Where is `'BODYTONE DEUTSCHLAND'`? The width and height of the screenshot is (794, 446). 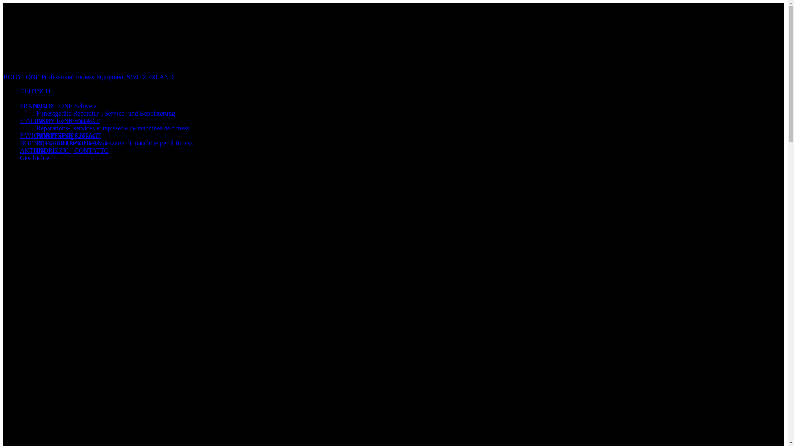
'BODYTONE DEUTSCHLAND' is located at coordinates (63, 142).